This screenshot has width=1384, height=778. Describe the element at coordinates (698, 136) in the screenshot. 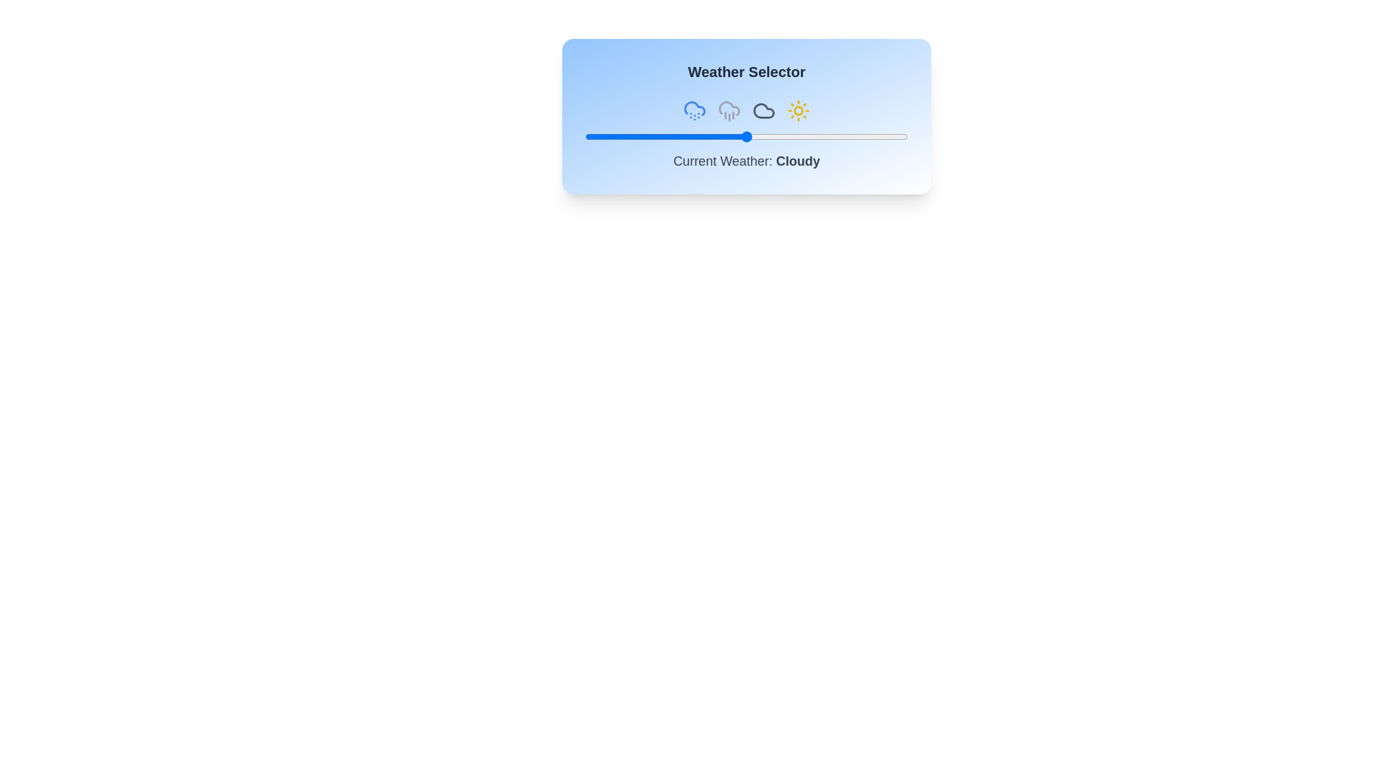

I see `the weather slider to 35%, where 35 is a value between 0 and 100` at that location.